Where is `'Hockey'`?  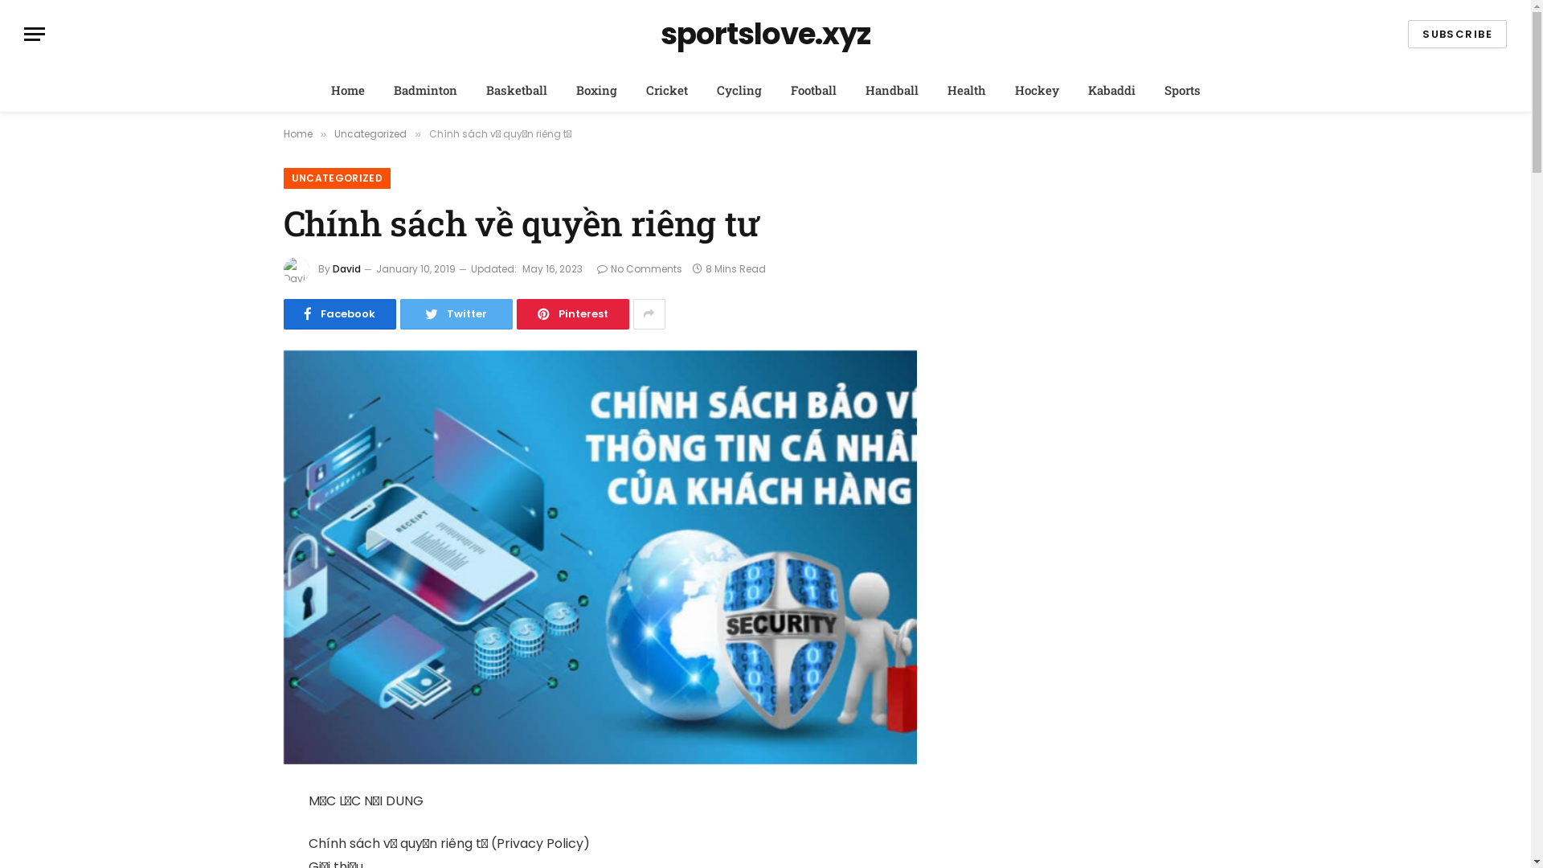
'Hockey' is located at coordinates (1036, 89).